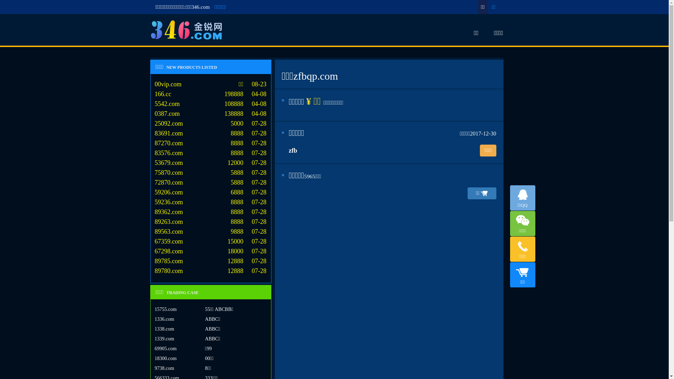  Describe the element at coordinates (210, 195) in the screenshot. I see `'59206.com 6888 07-28'` at that location.